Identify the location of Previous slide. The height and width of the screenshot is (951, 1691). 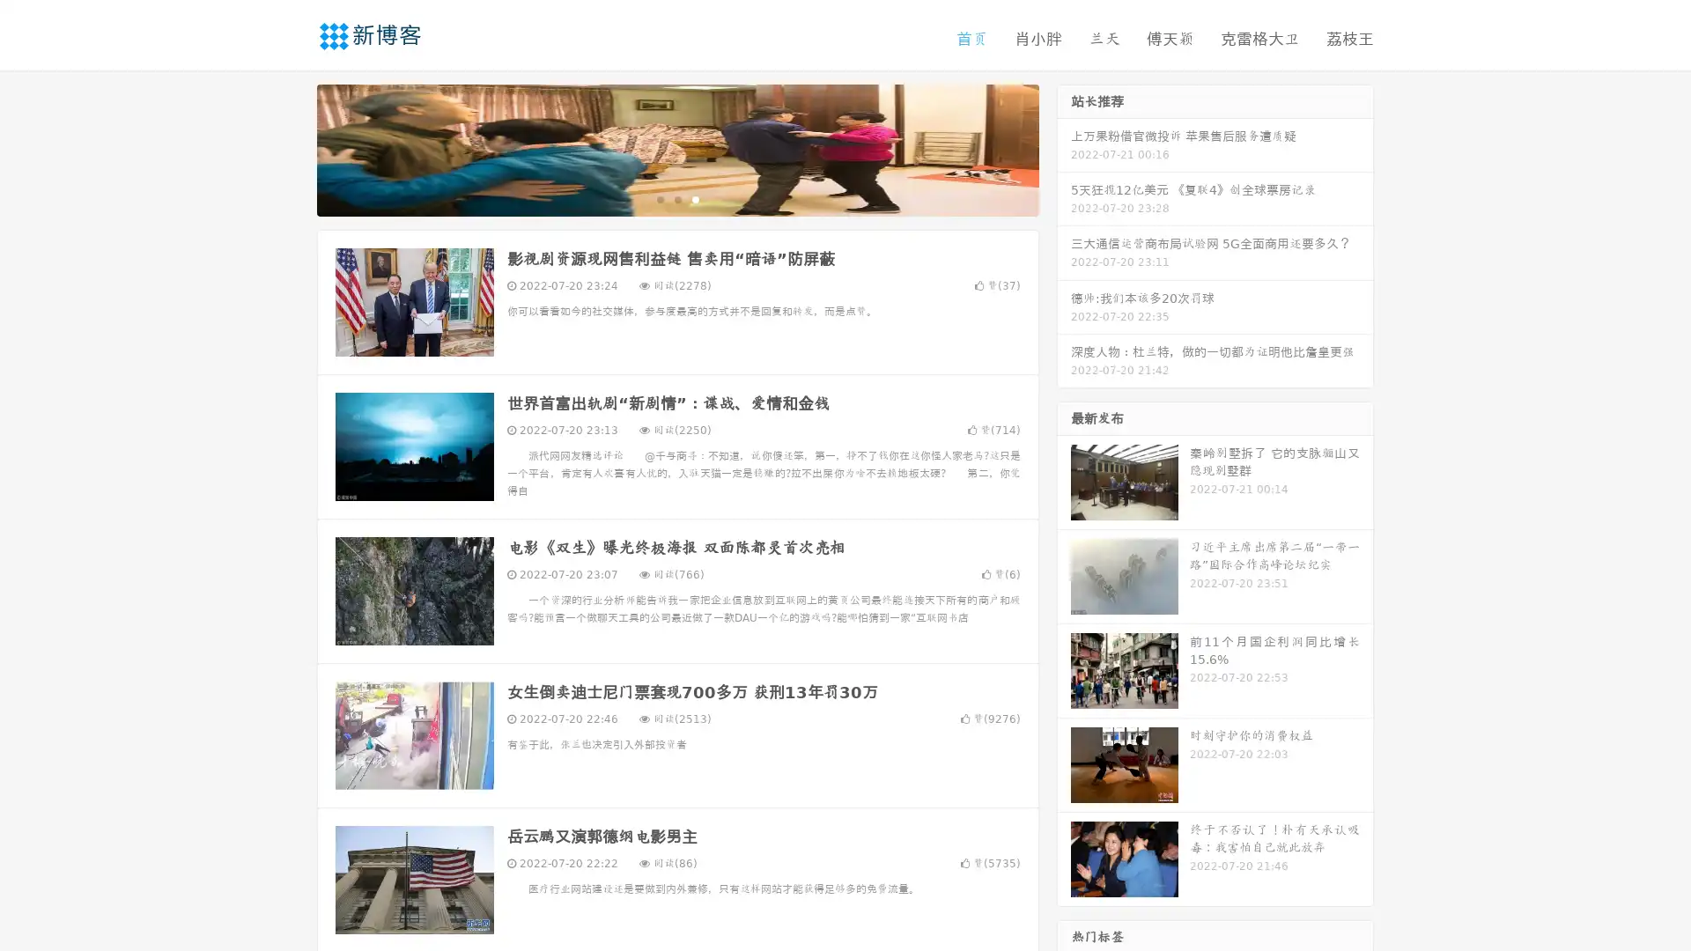
(291, 148).